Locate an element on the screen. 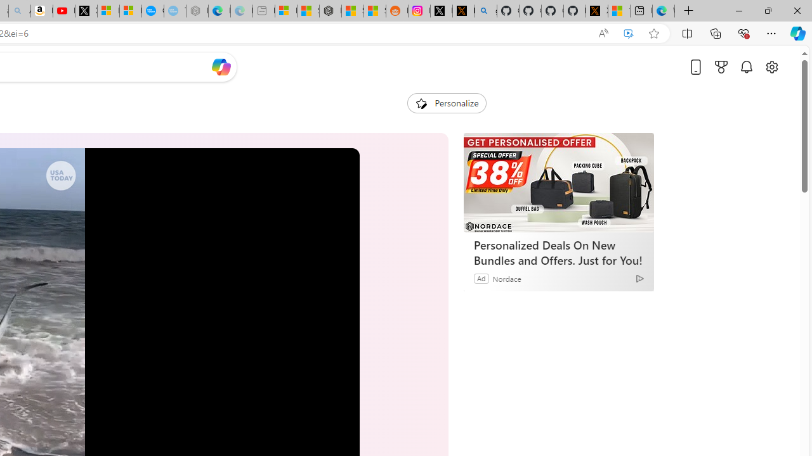 The width and height of the screenshot is (812, 456). 'Microsoft rewards' is located at coordinates (721, 66).